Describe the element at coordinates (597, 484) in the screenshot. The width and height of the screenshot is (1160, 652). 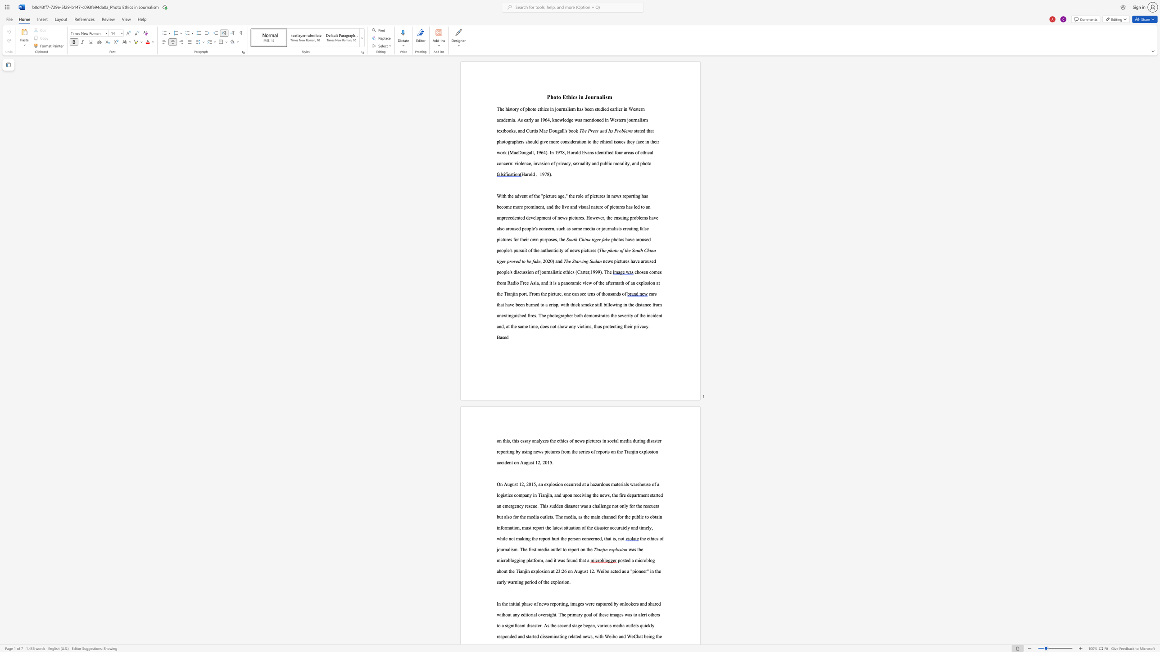
I see `the subset text "ardous mate" within the text "On August 12, 2015, an explosion occurred at a hazardous materials warehouse of"` at that location.